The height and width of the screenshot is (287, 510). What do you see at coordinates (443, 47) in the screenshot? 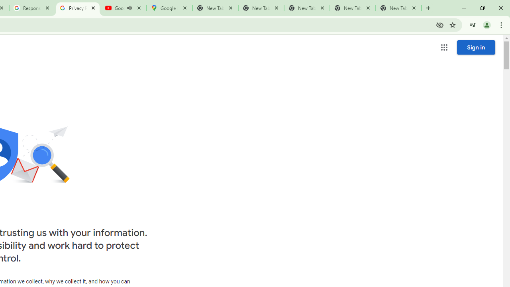
I see `'Google apps'` at bounding box center [443, 47].